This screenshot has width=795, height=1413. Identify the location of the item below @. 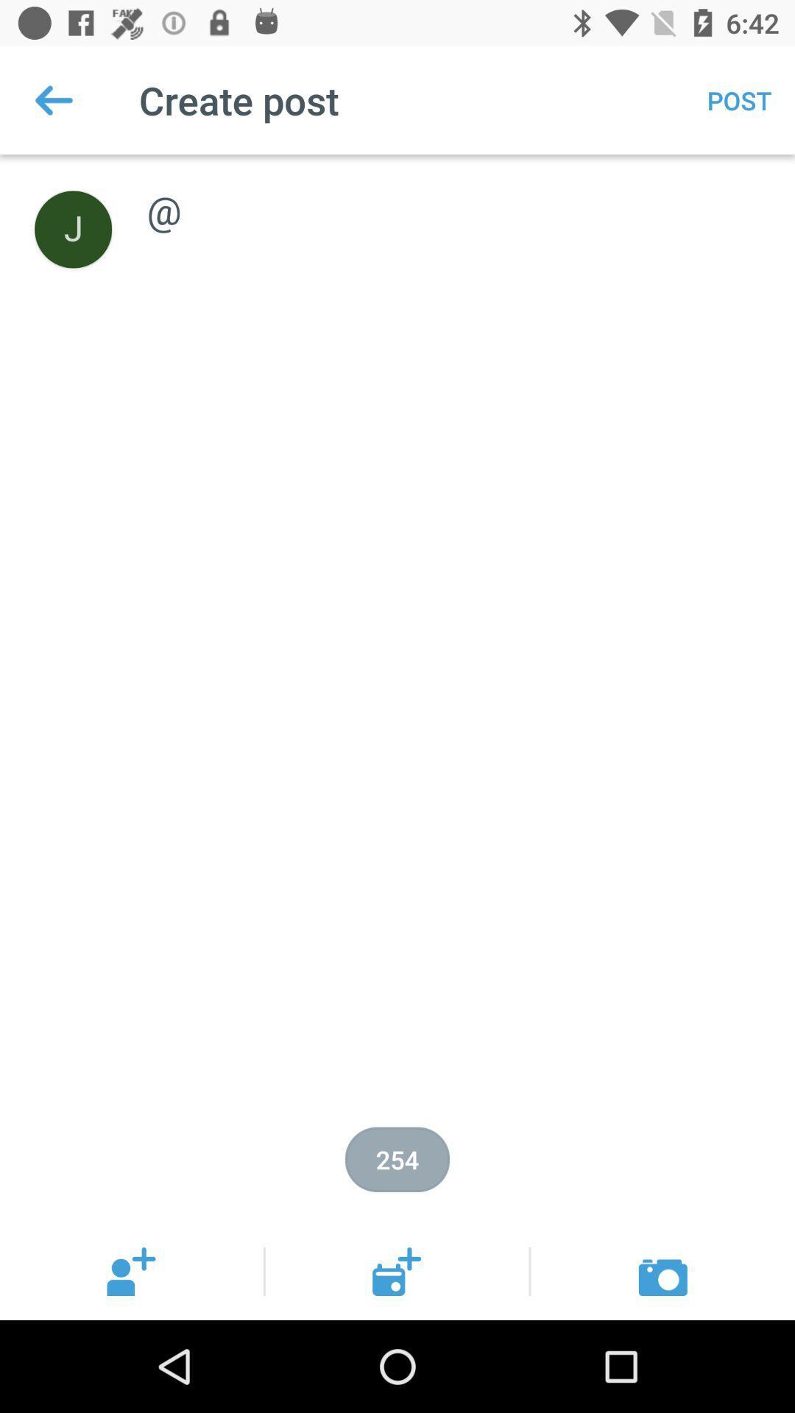
(397, 1158).